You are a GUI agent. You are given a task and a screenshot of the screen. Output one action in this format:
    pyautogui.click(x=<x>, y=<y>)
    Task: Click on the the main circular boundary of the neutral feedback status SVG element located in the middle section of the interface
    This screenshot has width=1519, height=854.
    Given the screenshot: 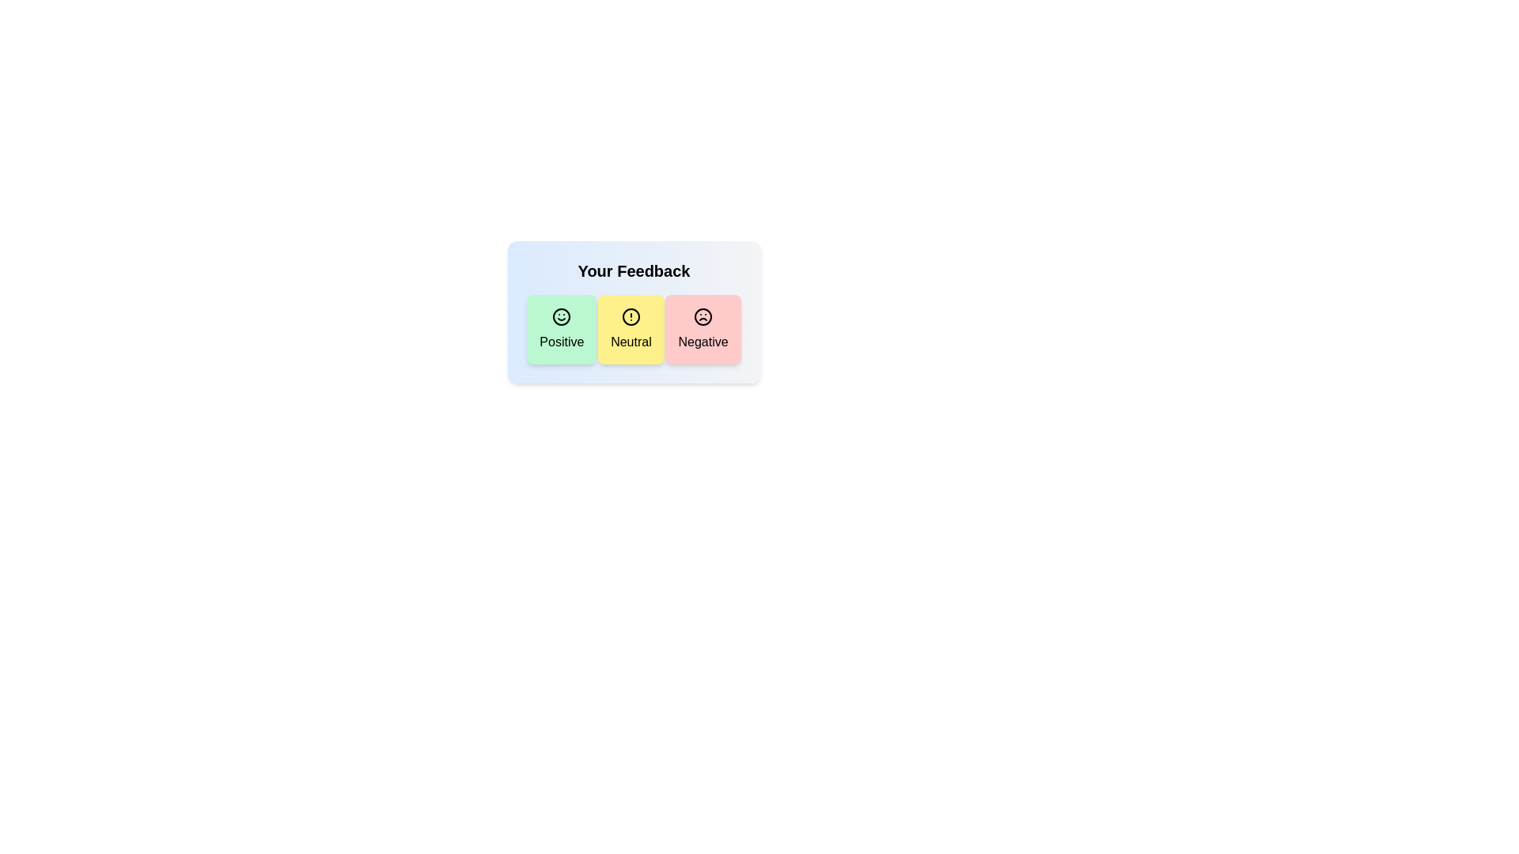 What is the action you would take?
    pyautogui.click(x=630, y=317)
    